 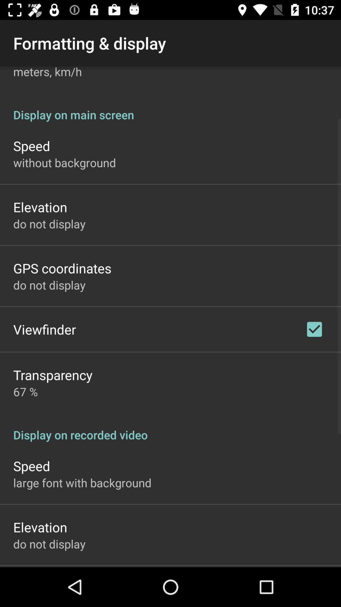 I want to click on the item above transparency app, so click(x=44, y=329).